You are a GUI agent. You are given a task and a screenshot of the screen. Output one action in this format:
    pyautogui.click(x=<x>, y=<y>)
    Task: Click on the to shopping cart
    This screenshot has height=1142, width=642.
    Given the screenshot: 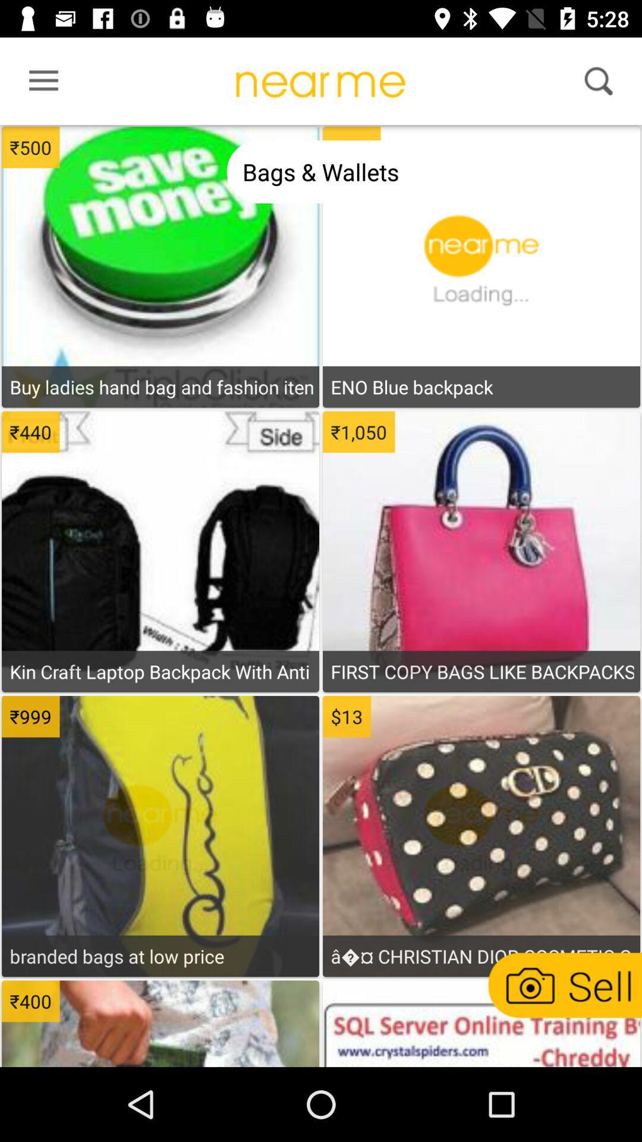 What is the action you would take?
    pyautogui.click(x=480, y=428)
    